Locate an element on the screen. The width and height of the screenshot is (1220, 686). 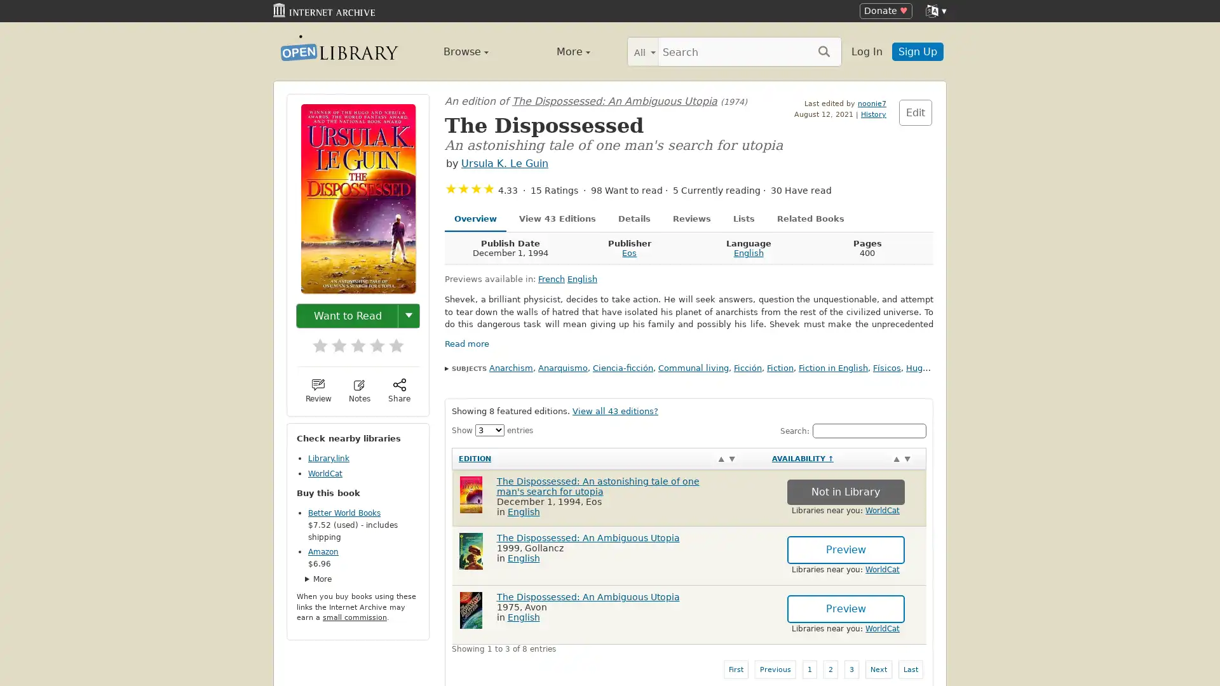
2 is located at coordinates (332, 340).